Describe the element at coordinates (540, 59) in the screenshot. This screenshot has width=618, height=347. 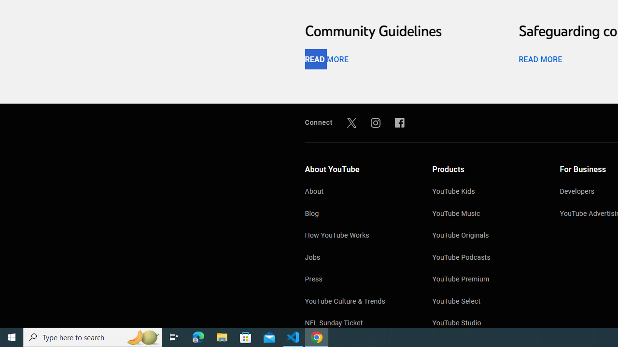
I see `'READ MORE'` at that location.